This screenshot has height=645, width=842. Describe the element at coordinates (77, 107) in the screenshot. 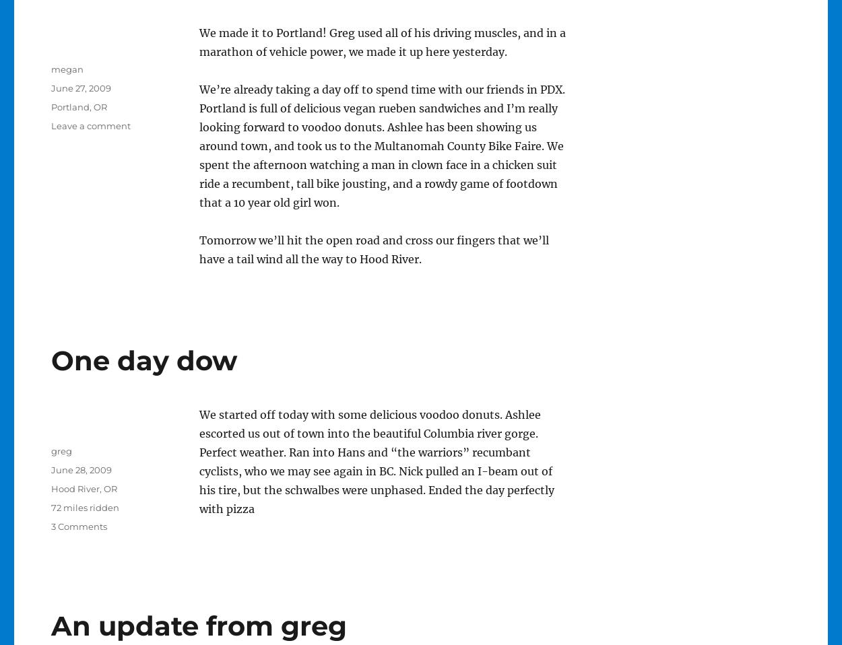

I see `'Portland, OR'` at that location.